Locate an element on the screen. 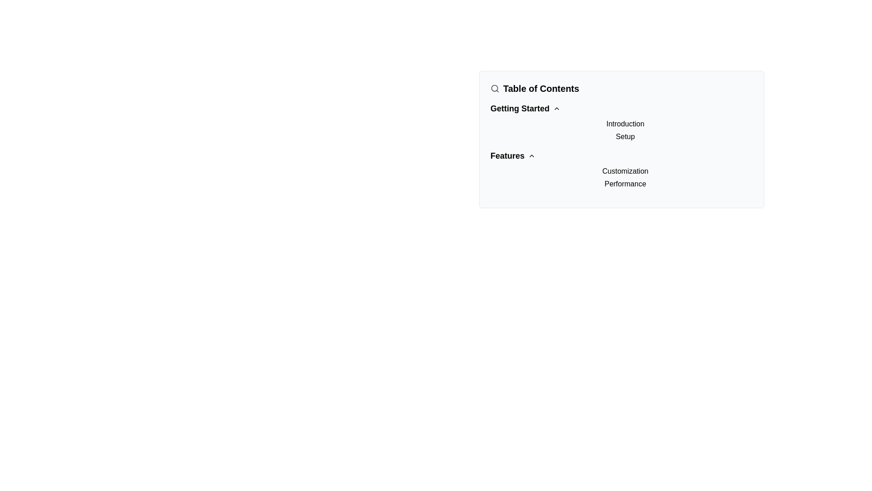 Image resolution: width=872 pixels, height=491 pixels. the magnifying glass icon, which is dark gray and located to the left of the 'Table of Contents' text is located at coordinates (494, 89).